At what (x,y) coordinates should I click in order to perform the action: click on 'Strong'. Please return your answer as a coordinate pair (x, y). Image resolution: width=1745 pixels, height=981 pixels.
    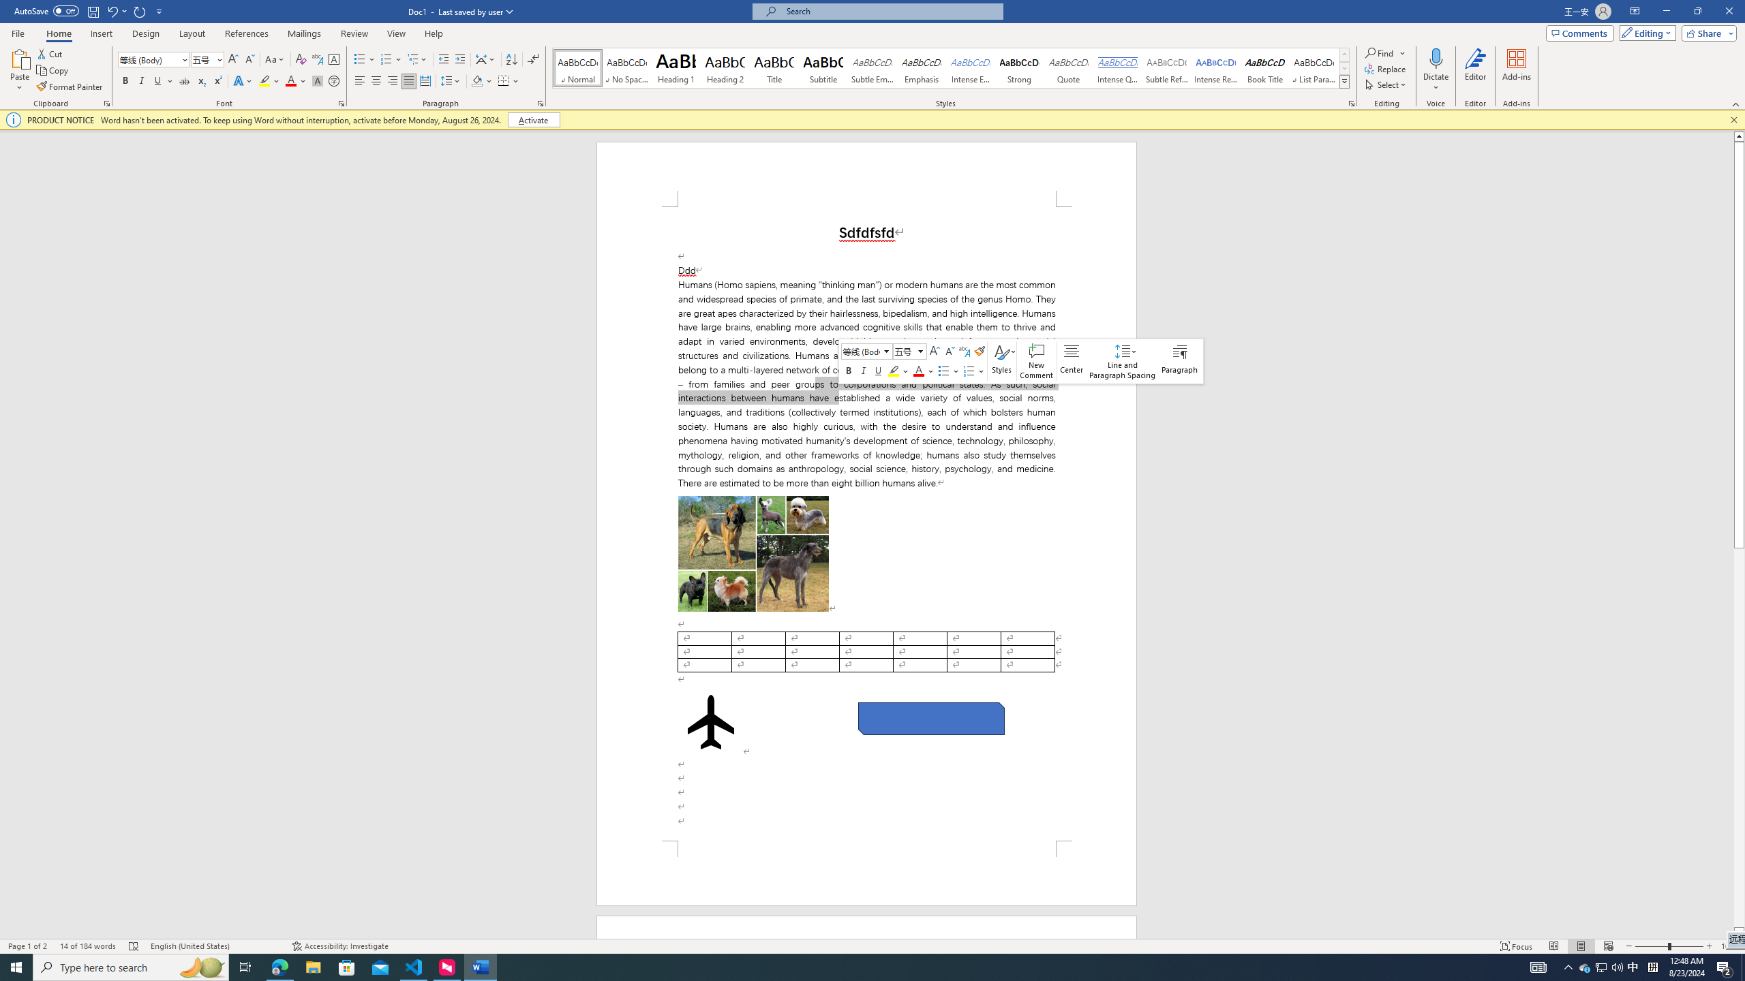
    Looking at the image, I should click on (1019, 67).